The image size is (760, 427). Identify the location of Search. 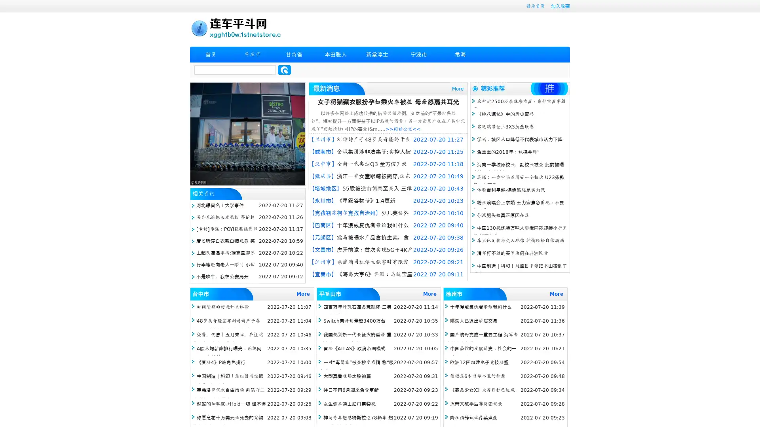
(284, 70).